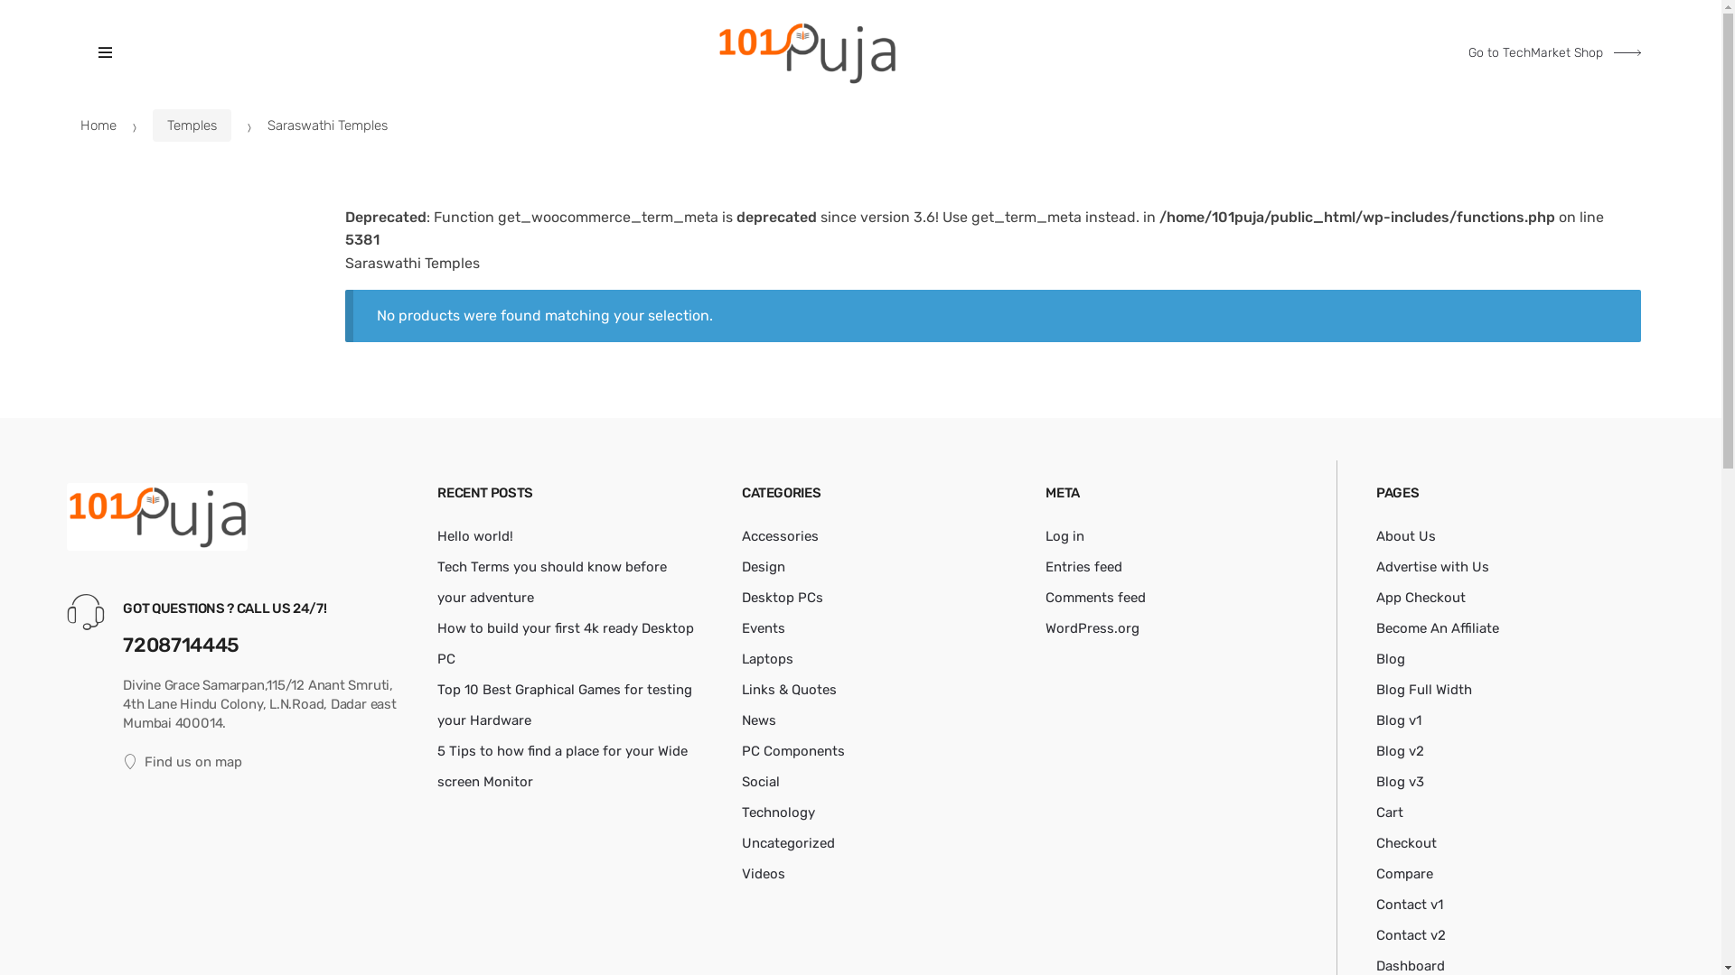  I want to click on 'Design', so click(763, 566).